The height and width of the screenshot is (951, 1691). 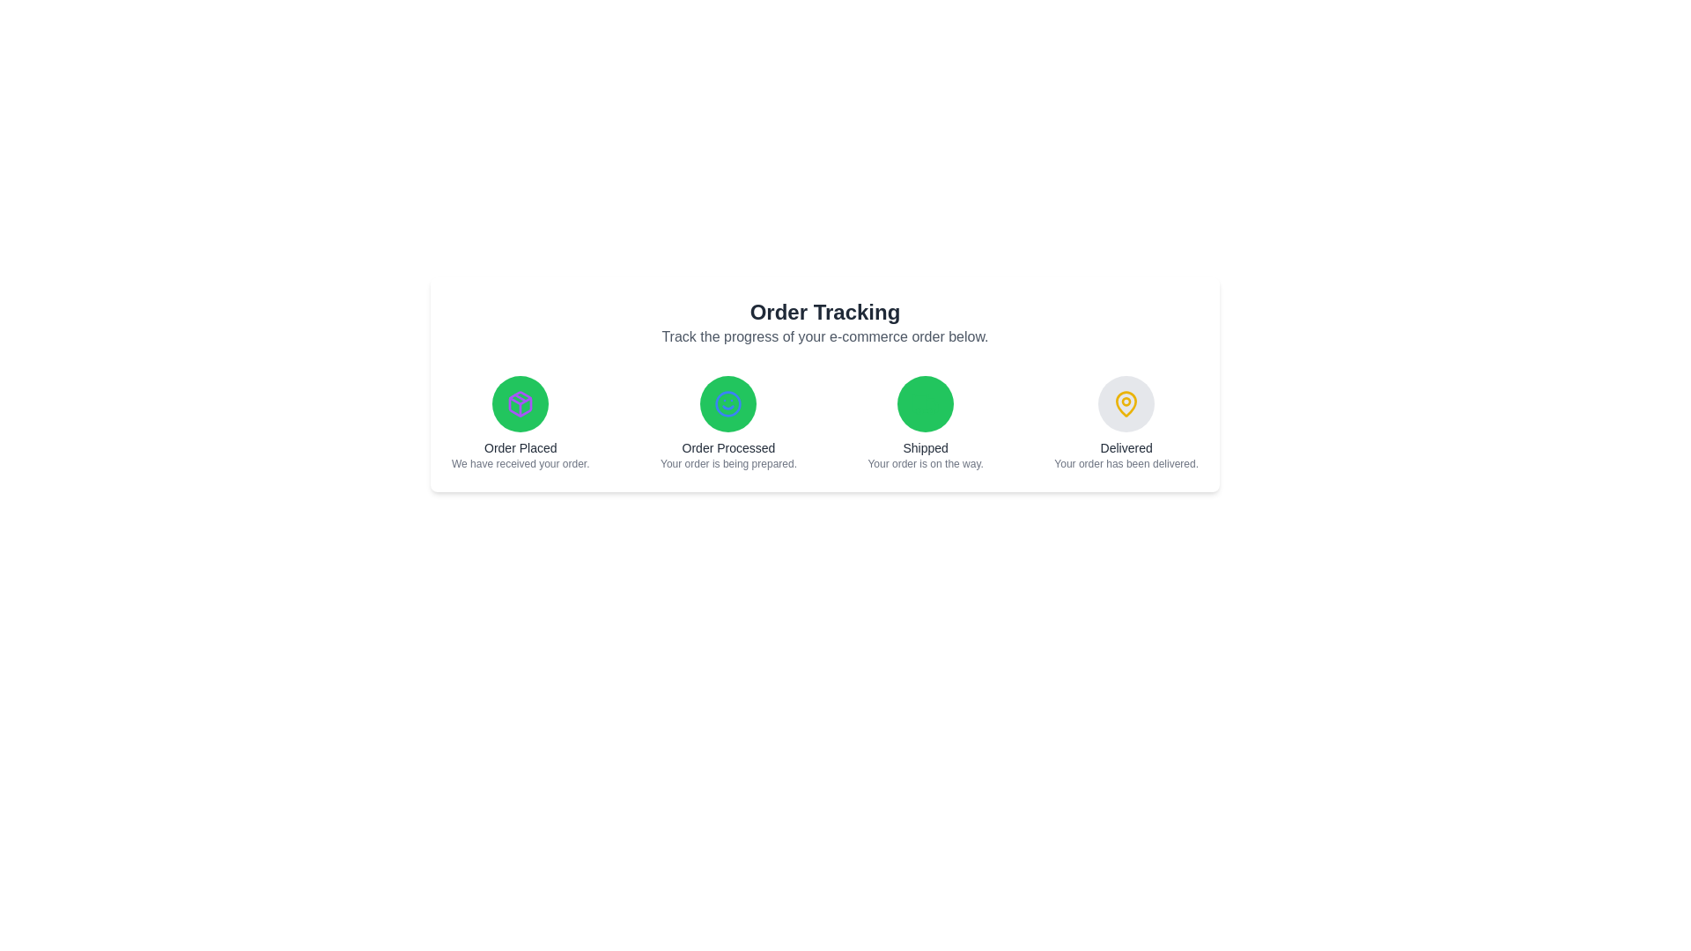 I want to click on text block providing additional information about the 'Order Processed' status, located below the 'Order Processed' label and icon, so click(x=728, y=463).